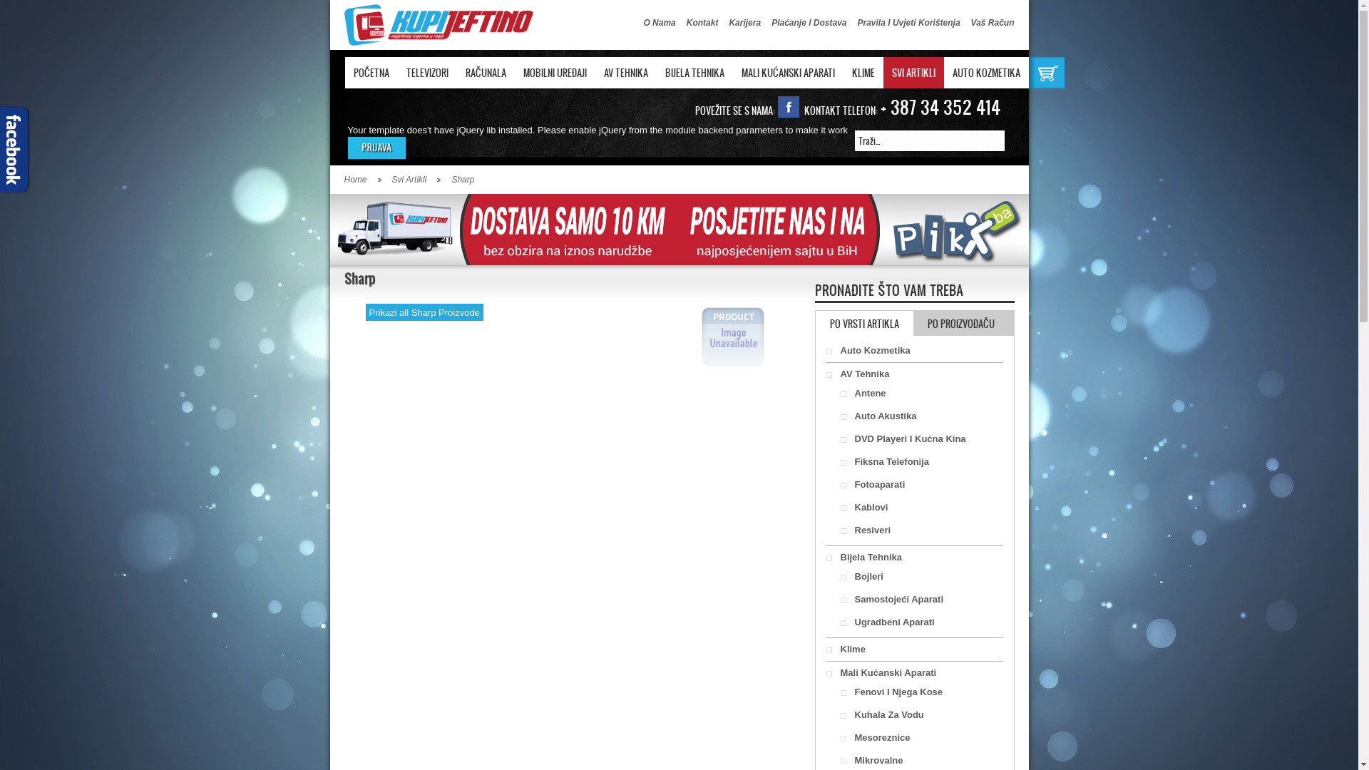  What do you see at coordinates (985, 72) in the screenshot?
I see `'AUTO KOZMETIKA'` at bounding box center [985, 72].